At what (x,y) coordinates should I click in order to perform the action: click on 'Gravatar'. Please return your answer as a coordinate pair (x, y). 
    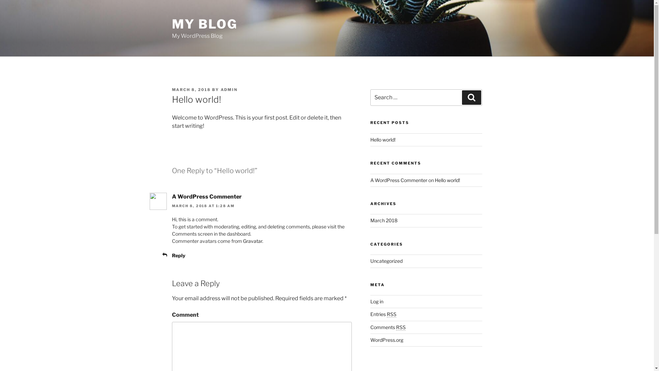
    Looking at the image, I should click on (243, 240).